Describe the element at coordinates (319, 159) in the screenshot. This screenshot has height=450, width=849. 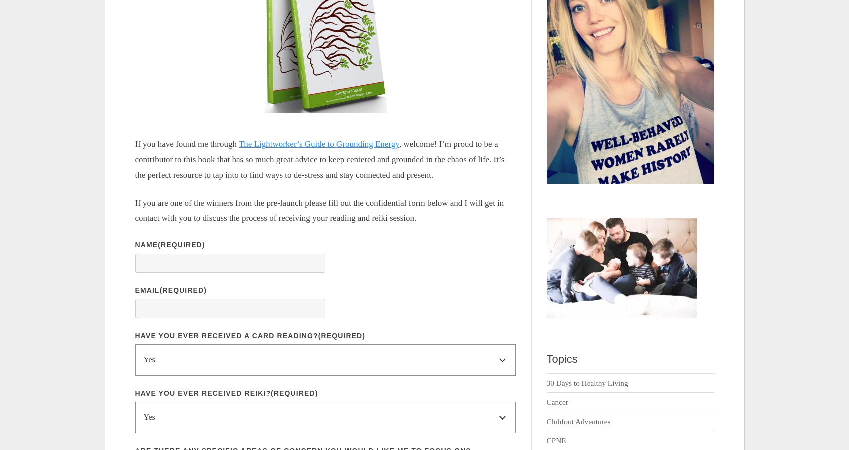
I see `', welcome! I’m proud to be a contributor to this book that has so much great advice to keep centered and grounded in the chaos of life. It’s the perfect resource to tap into to find ways to de-stress and stay connected and present.'` at that location.